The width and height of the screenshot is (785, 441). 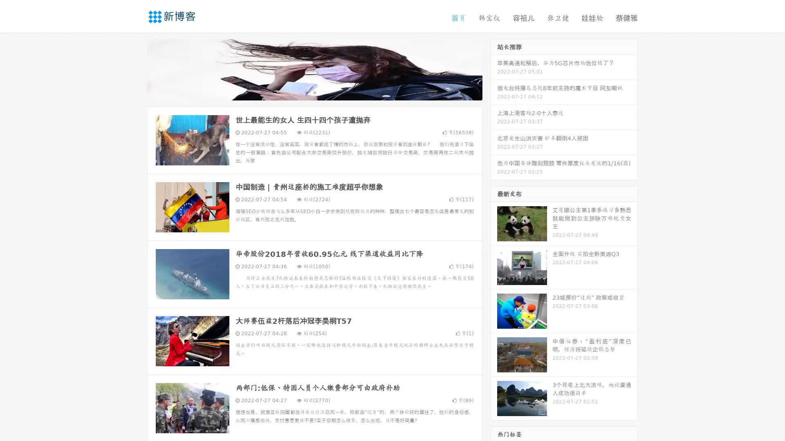 I want to click on Go to slide 1, so click(x=306, y=92).